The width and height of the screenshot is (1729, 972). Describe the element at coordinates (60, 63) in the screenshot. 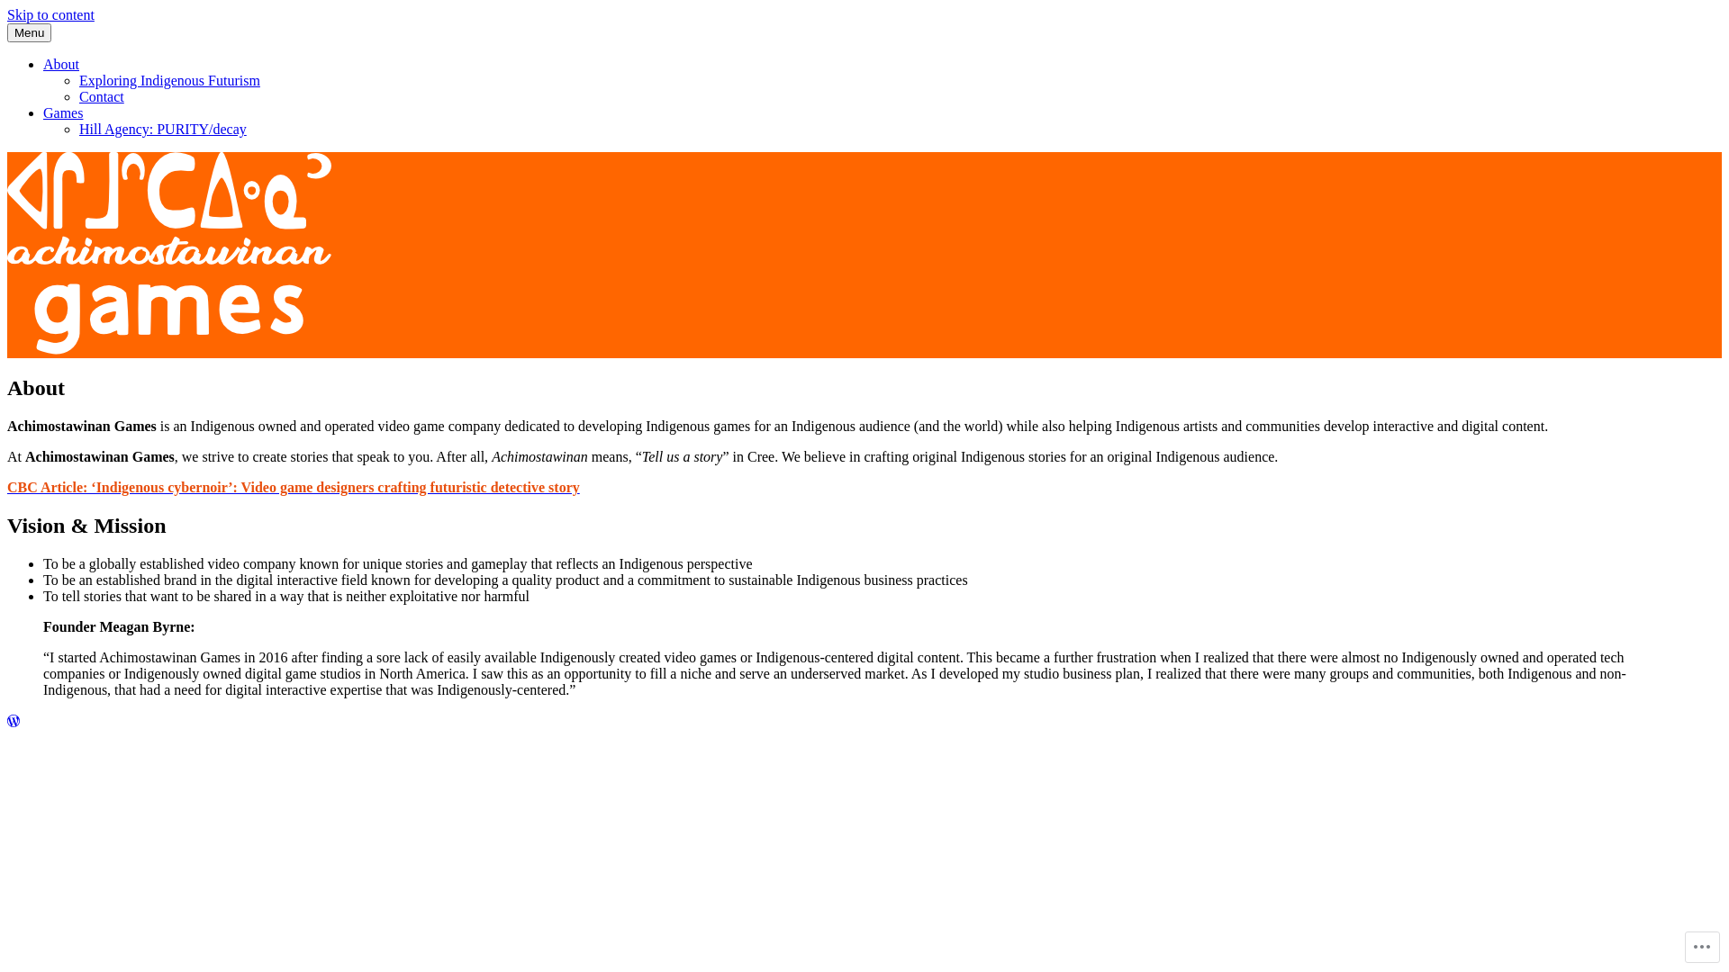

I see `'About'` at that location.